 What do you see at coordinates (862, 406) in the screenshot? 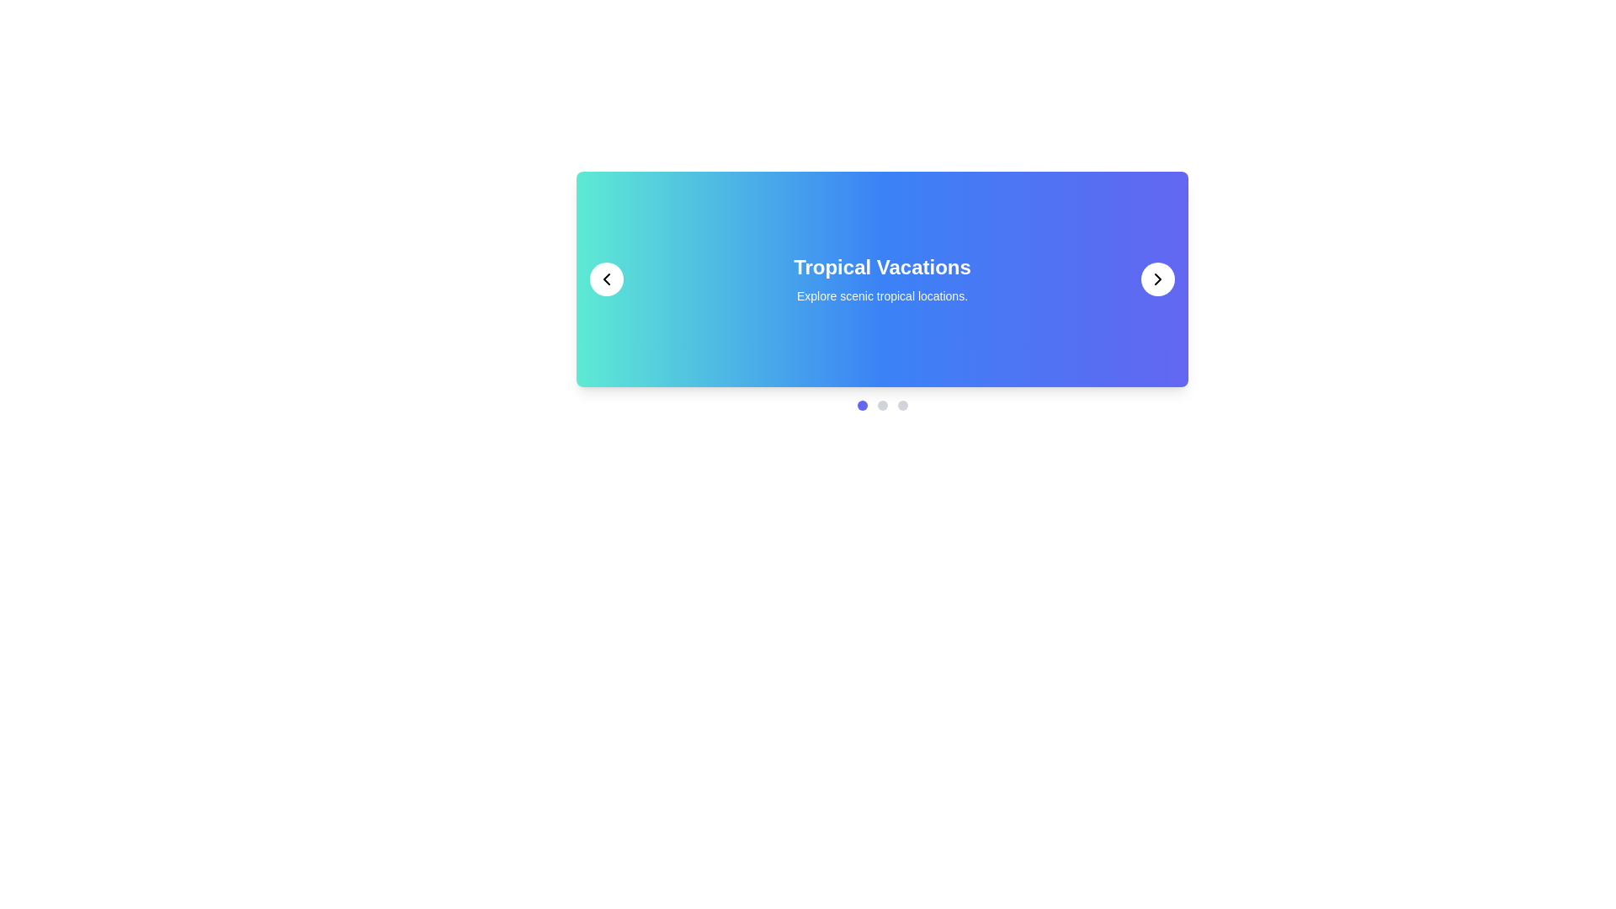
I see `the first circular indigo icon of the Carousel navigation indicator` at bounding box center [862, 406].